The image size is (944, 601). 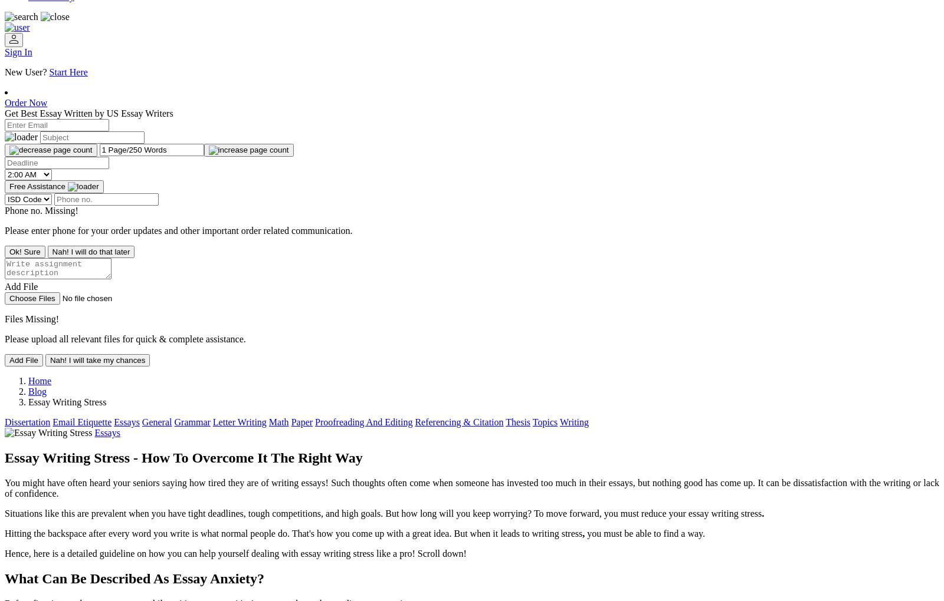 What do you see at coordinates (25, 102) in the screenshot?
I see `'Order Now'` at bounding box center [25, 102].